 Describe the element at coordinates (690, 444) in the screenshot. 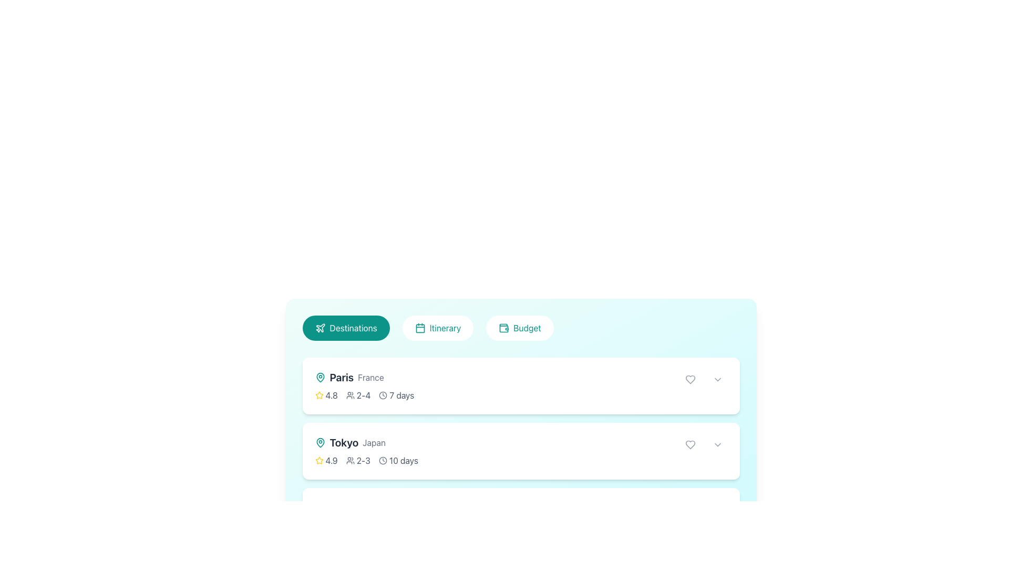

I see `the heart icon located in the second card on the right side of the content` at that location.